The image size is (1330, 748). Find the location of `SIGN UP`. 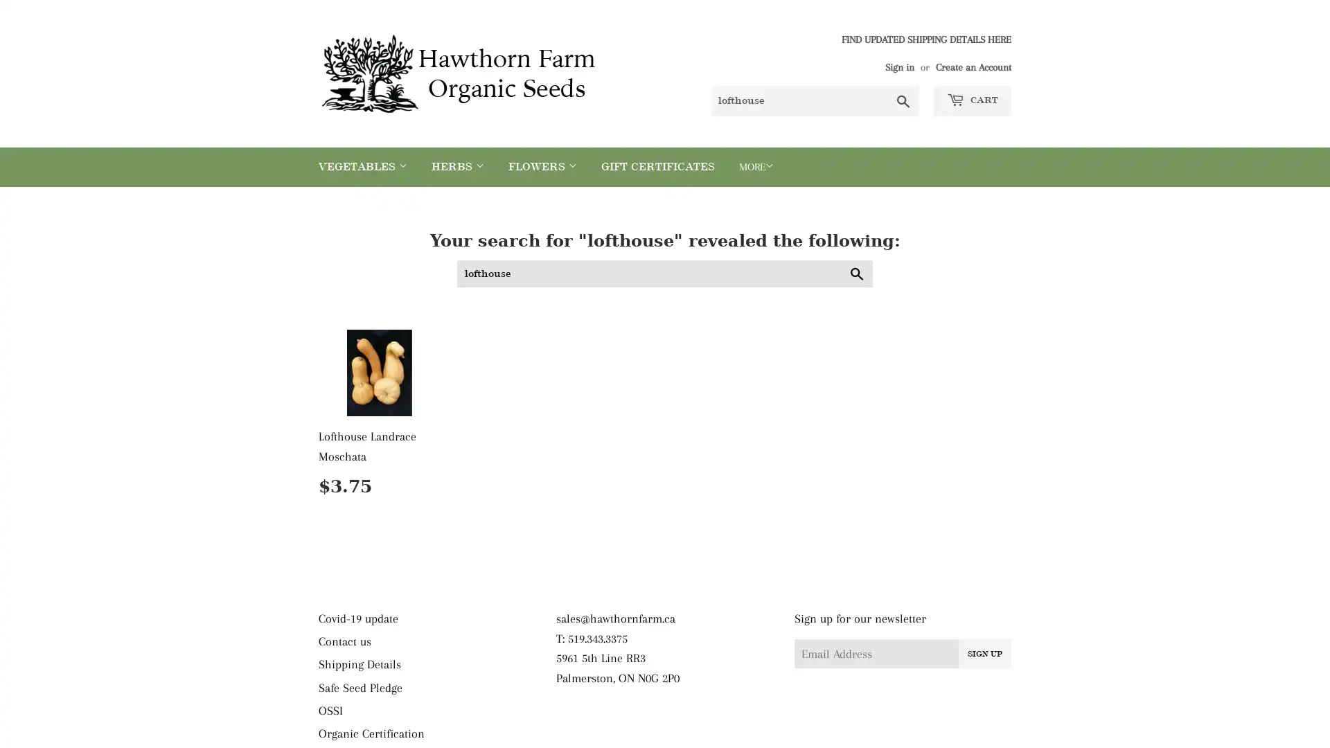

SIGN UP is located at coordinates (983, 652).